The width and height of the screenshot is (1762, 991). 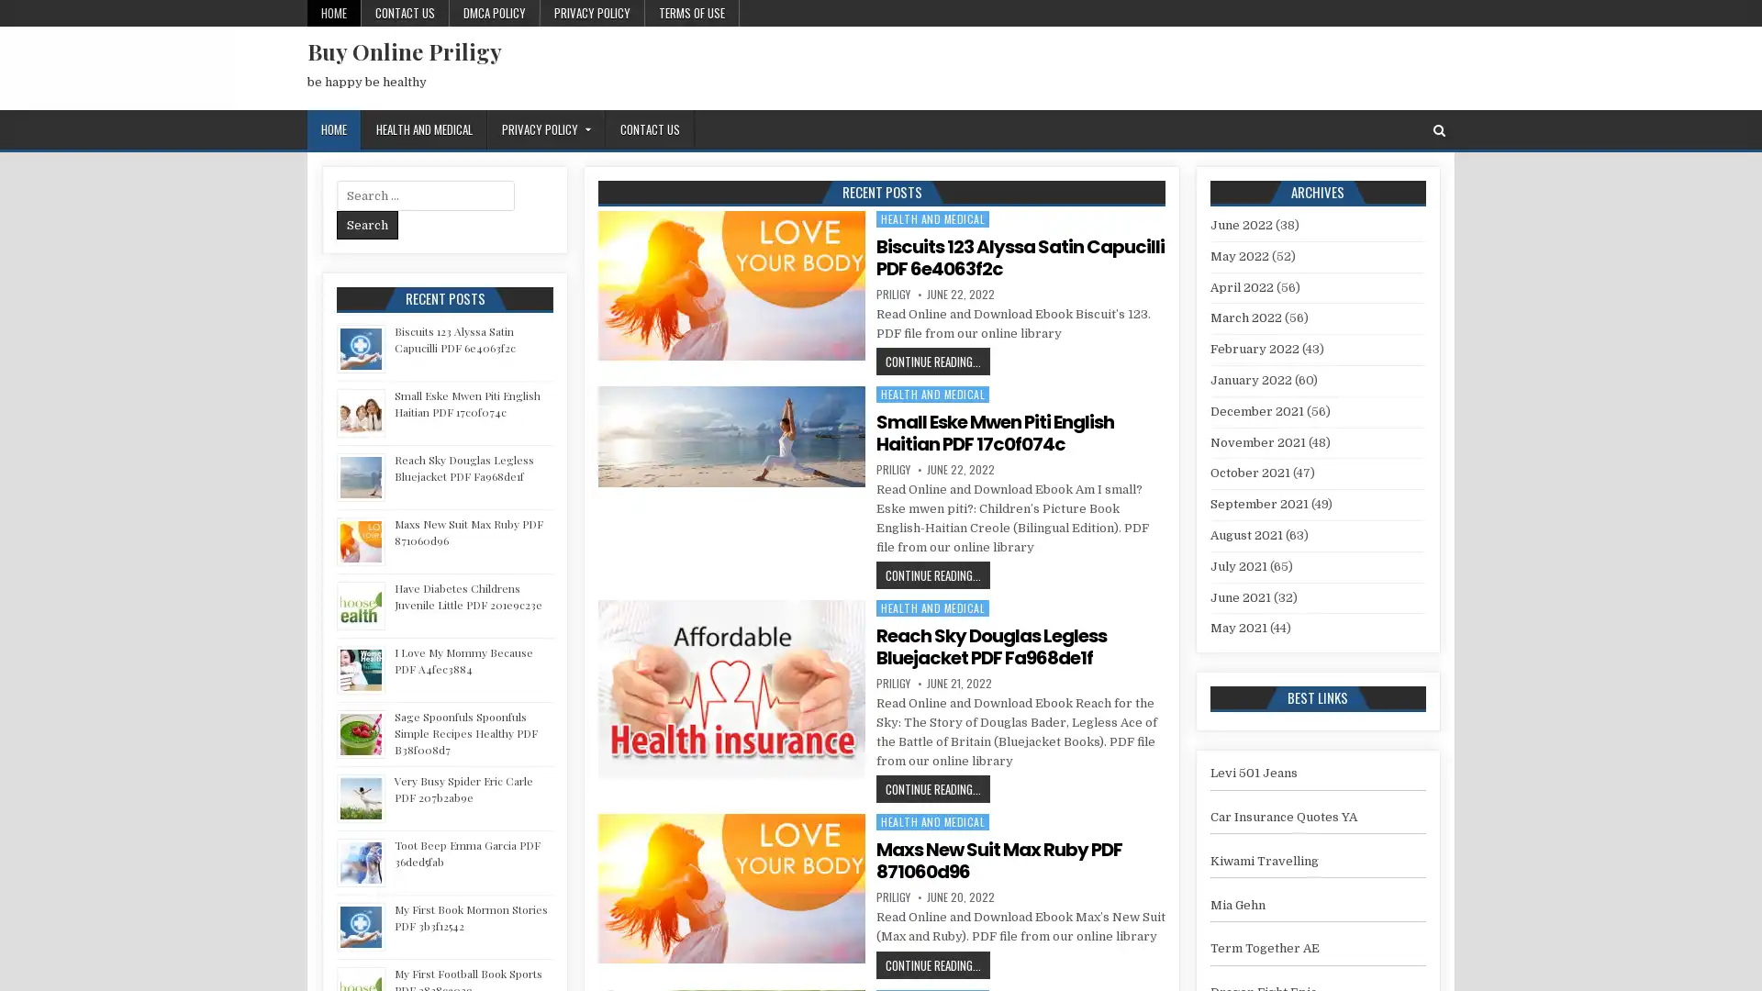 What do you see at coordinates (367, 224) in the screenshot?
I see `Search` at bounding box center [367, 224].